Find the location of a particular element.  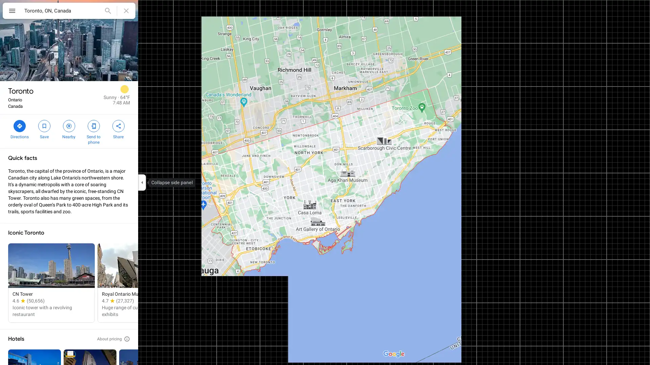

Directions to Toronto is located at coordinates (19, 129).